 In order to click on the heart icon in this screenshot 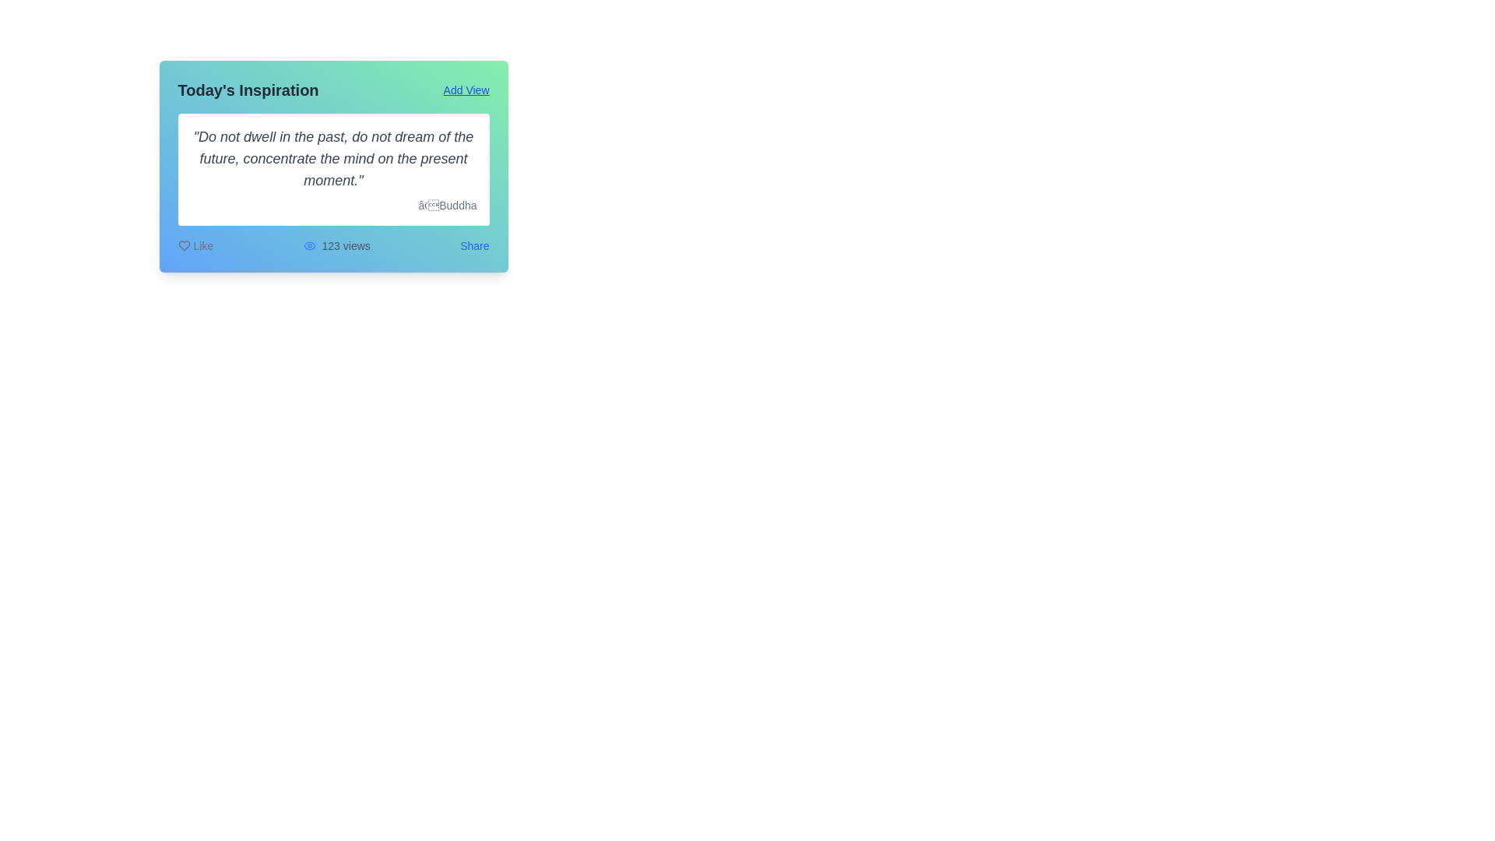, I will do `click(184, 245)`.